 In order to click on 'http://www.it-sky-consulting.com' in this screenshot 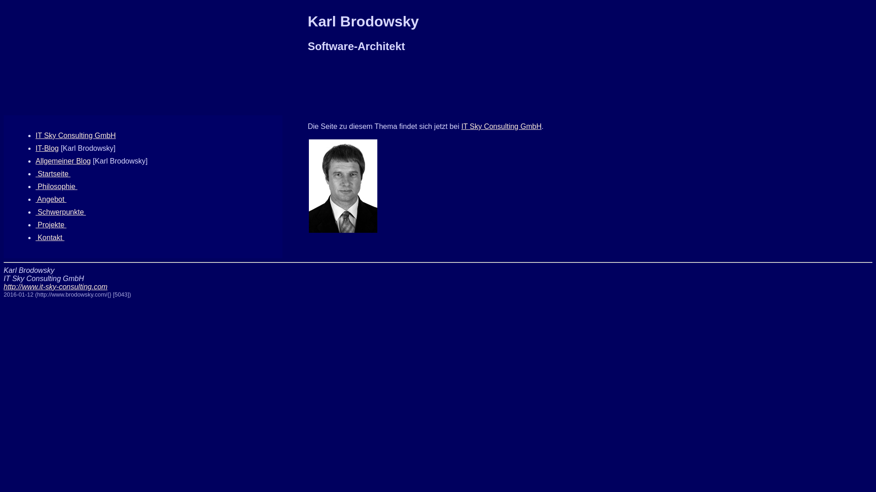, I will do `click(55, 286)`.